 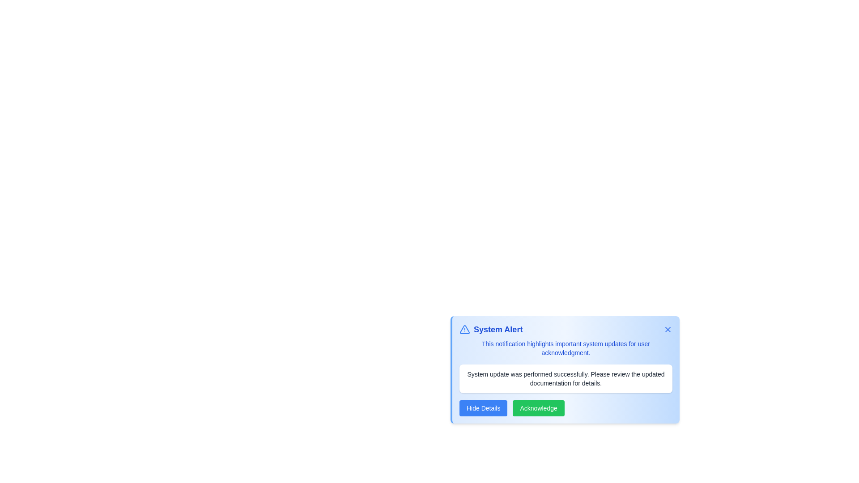 I want to click on the close button to dismiss the notification, so click(x=668, y=329).